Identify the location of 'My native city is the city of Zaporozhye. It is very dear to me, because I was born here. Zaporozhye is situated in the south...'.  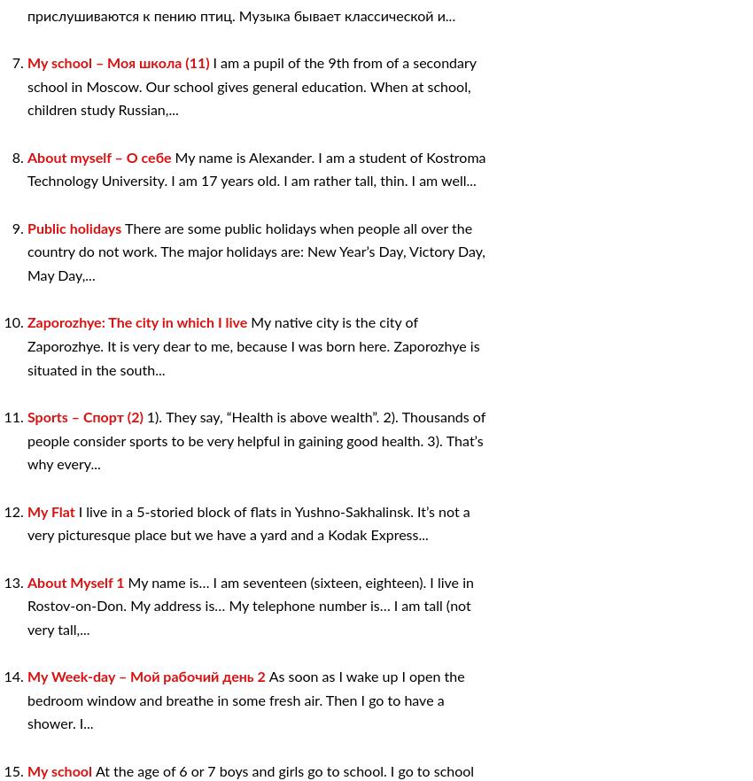
(252, 346).